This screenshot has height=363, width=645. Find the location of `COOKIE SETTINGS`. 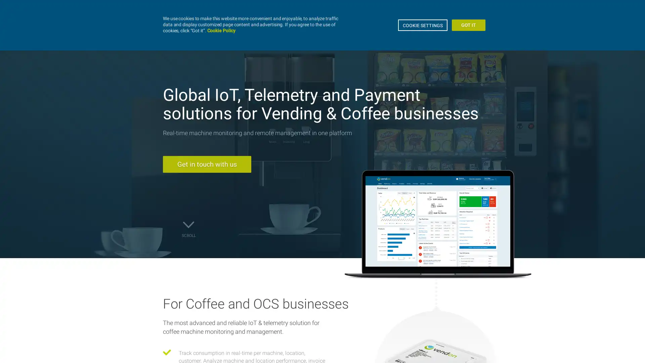

COOKIE SETTINGS is located at coordinates (422, 25).